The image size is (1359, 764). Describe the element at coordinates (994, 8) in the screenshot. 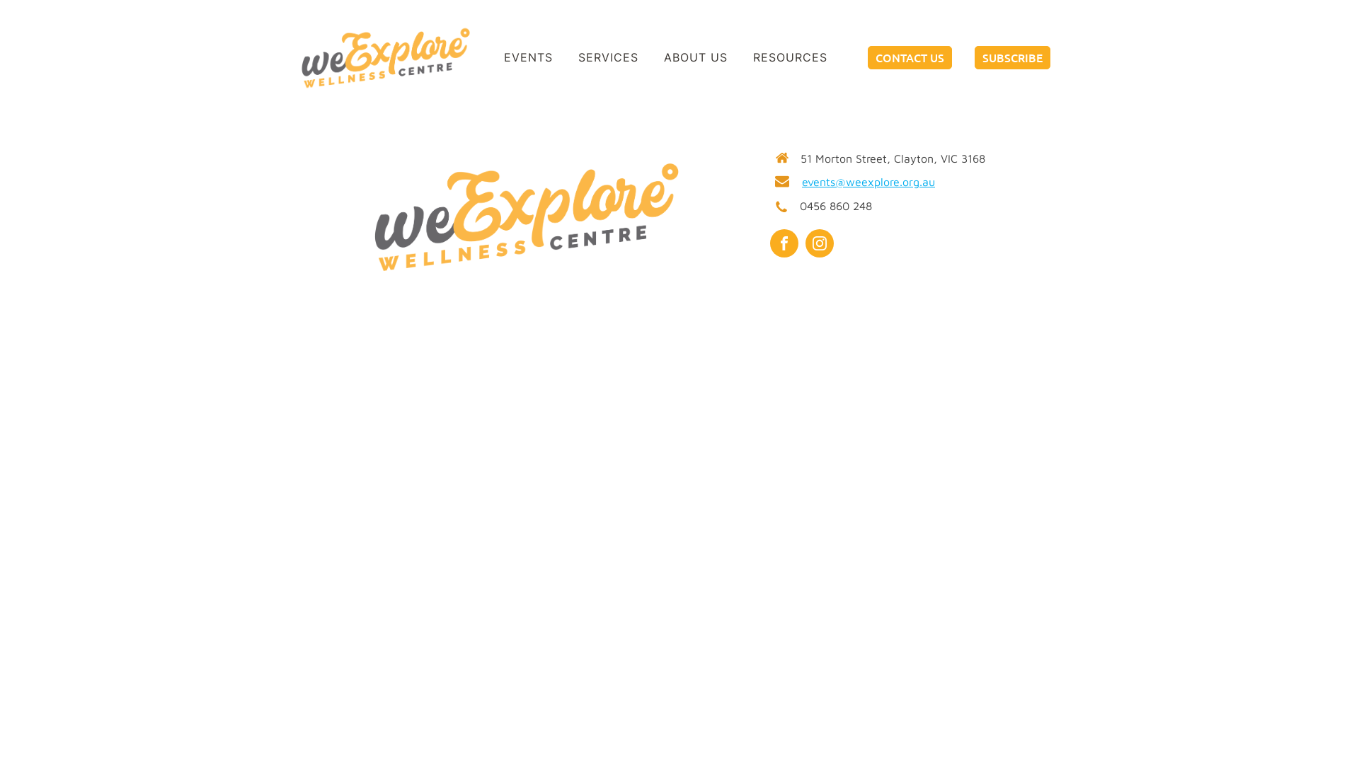

I see `'events@weexplore.org.au'` at that location.